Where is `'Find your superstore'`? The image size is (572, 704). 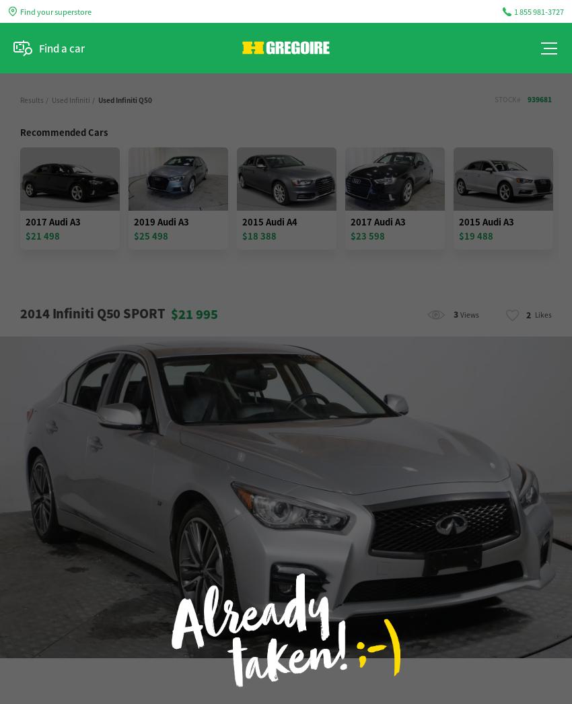 'Find your superstore' is located at coordinates (55, 10).